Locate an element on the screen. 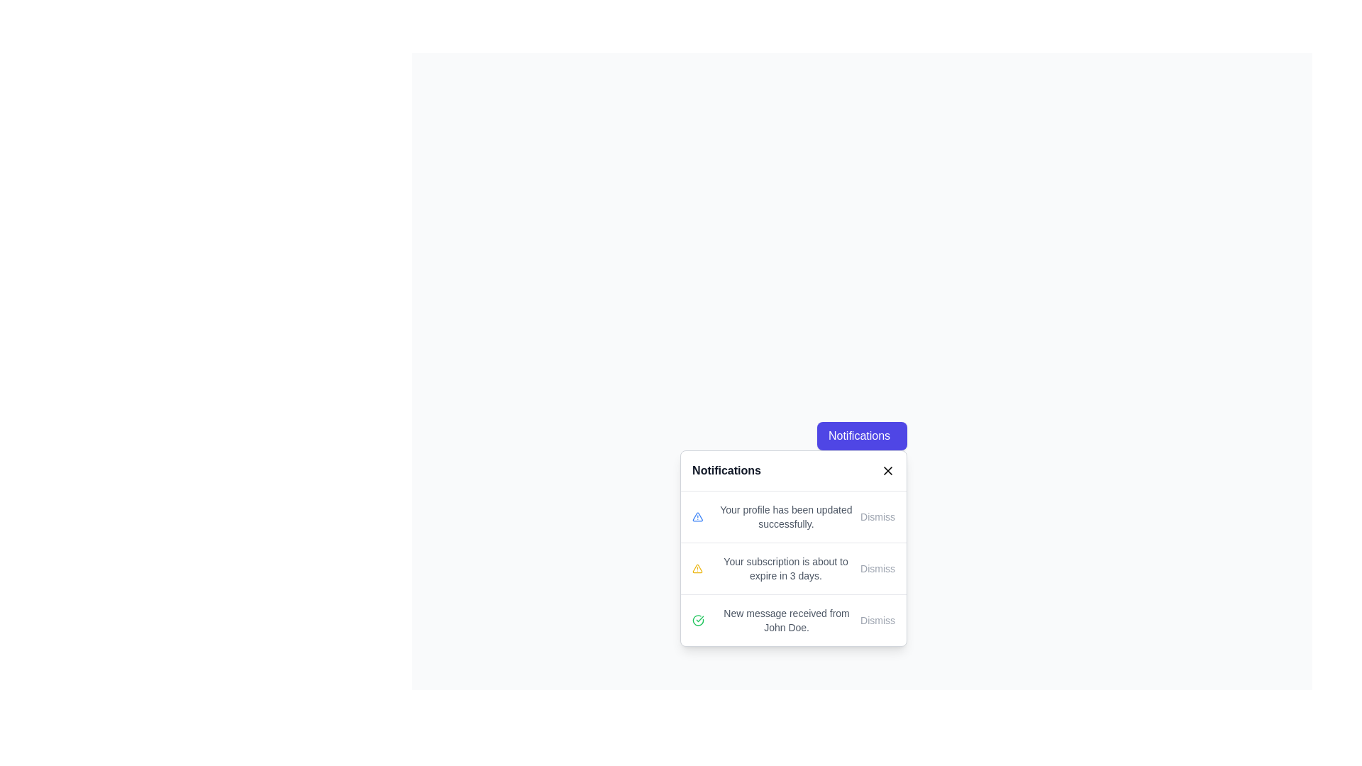 The image size is (1362, 766). the confirmation icon indicating a new message received from John Doe in the notification entry at the bottom of the modal is located at coordinates (698, 620).